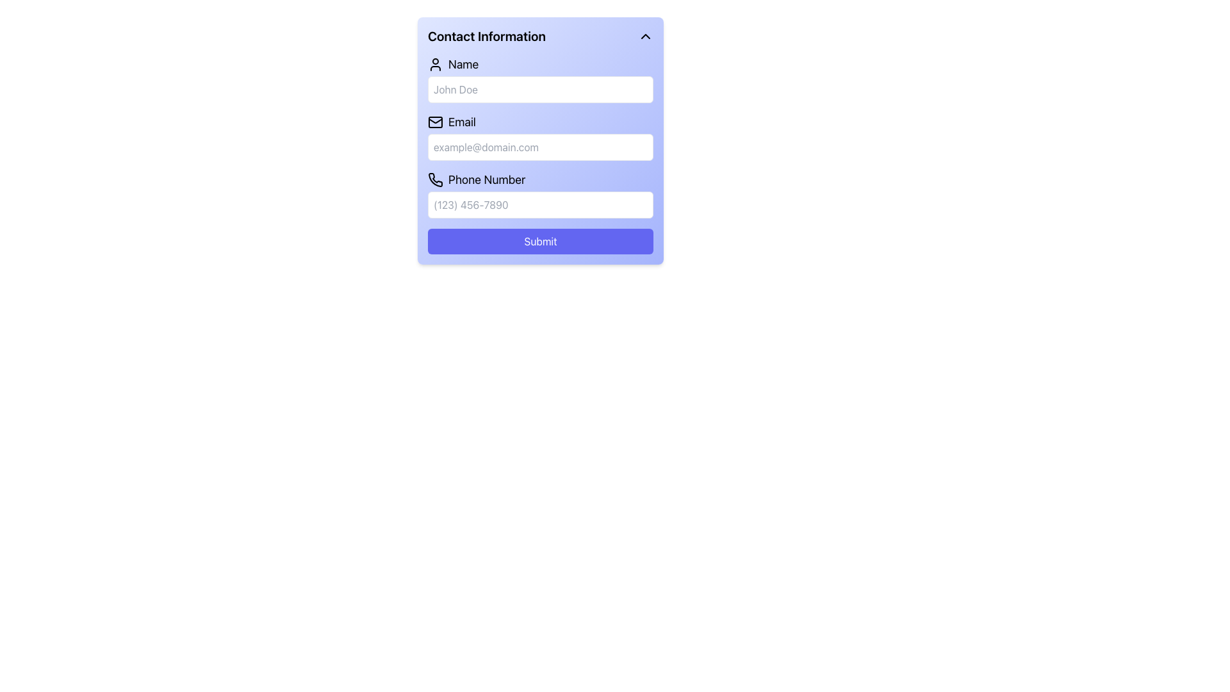 The image size is (1230, 692). I want to click on the text input field for the user's name, which is styled with a rectangular border and rounded corners, located beneath the 'Name' label, so click(541, 79).